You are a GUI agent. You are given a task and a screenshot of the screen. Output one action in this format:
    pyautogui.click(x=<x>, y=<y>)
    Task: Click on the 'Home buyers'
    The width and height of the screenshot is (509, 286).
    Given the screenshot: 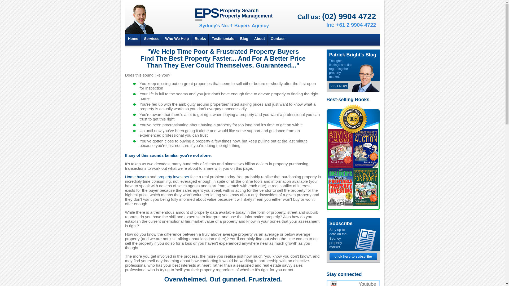 What is the action you would take?
    pyautogui.click(x=137, y=177)
    